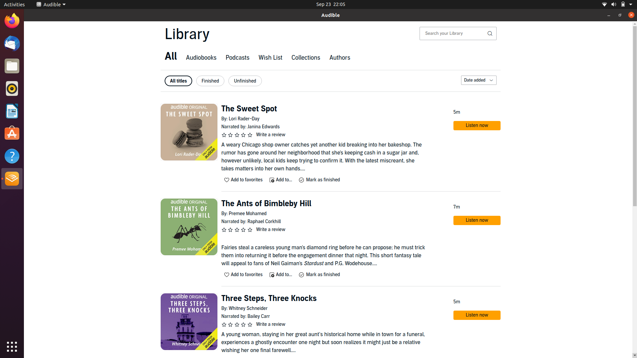  What do you see at coordinates (633815, 204955) in the screenshot?
I see `Move downwards to search for the subsequent book on the list` at bounding box center [633815, 204955].